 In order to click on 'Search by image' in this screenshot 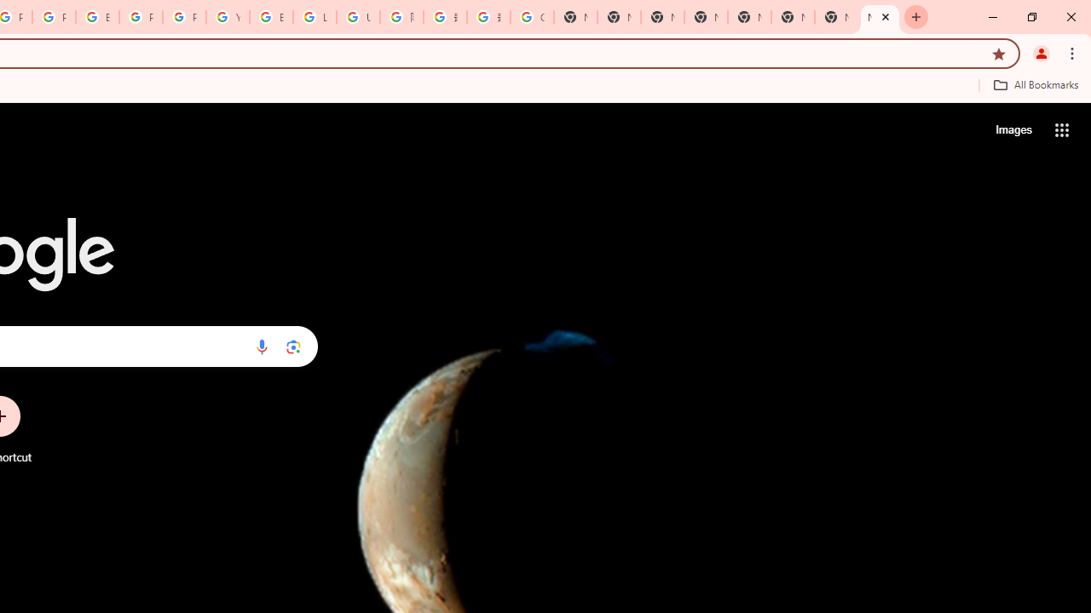, I will do `click(293, 346)`.